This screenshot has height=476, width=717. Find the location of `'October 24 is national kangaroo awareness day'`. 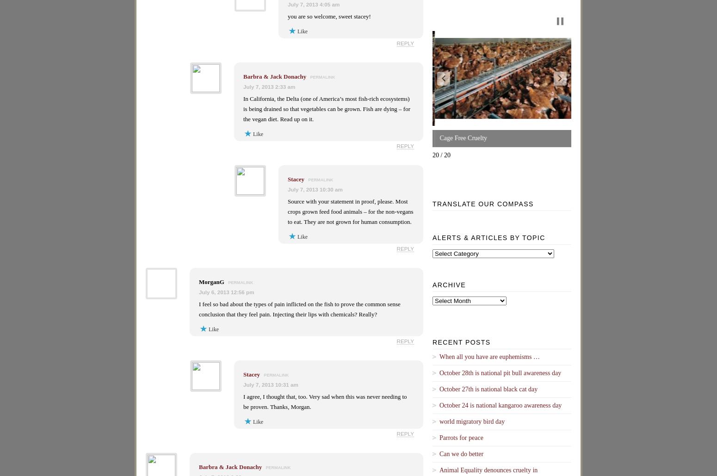

'October 24 is national kangaroo awareness day' is located at coordinates (501, 404).